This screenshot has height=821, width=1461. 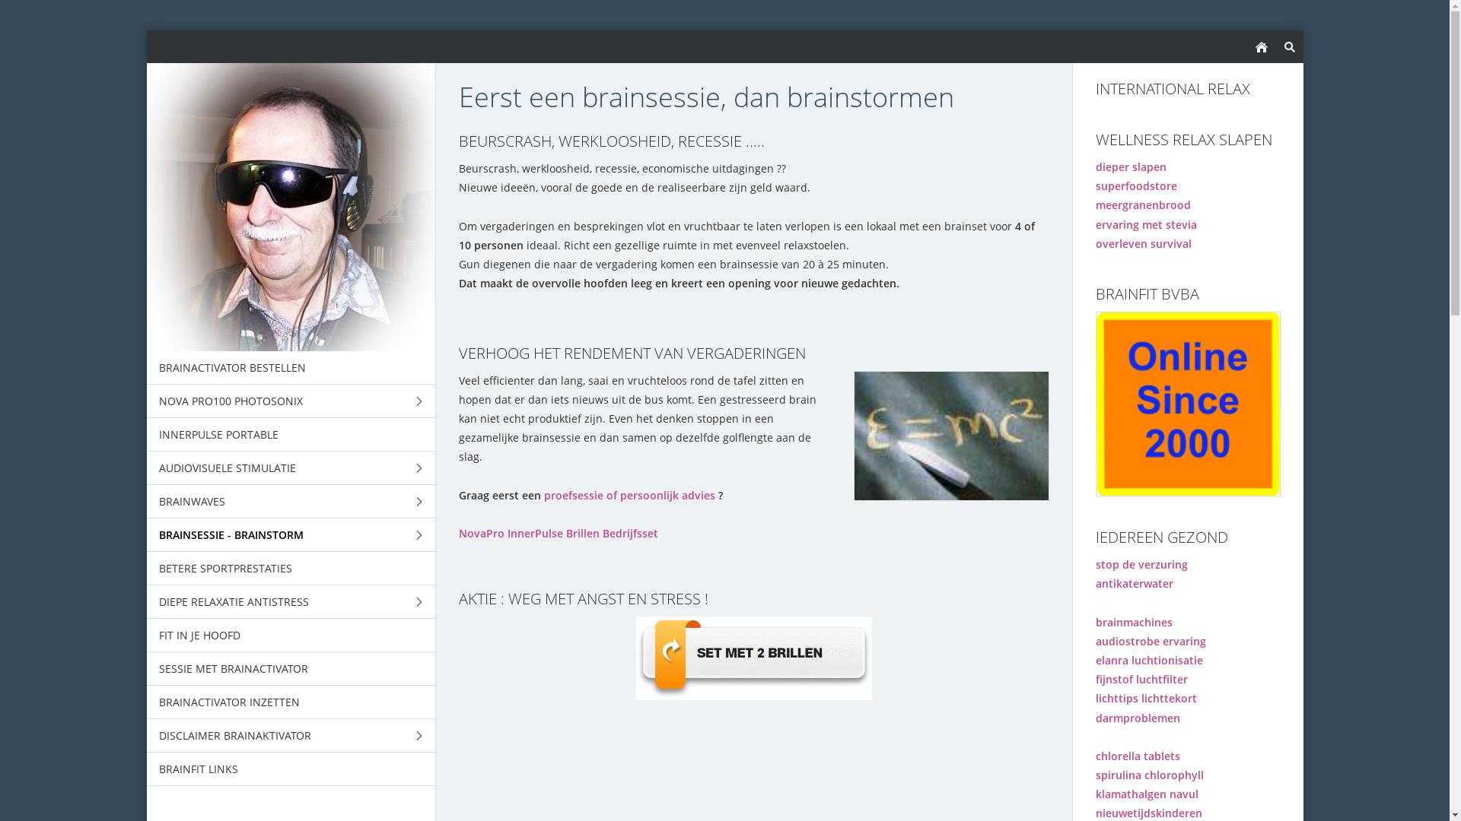 What do you see at coordinates (290, 702) in the screenshot?
I see `'BRAINACTIVATOR INZETTEN'` at bounding box center [290, 702].